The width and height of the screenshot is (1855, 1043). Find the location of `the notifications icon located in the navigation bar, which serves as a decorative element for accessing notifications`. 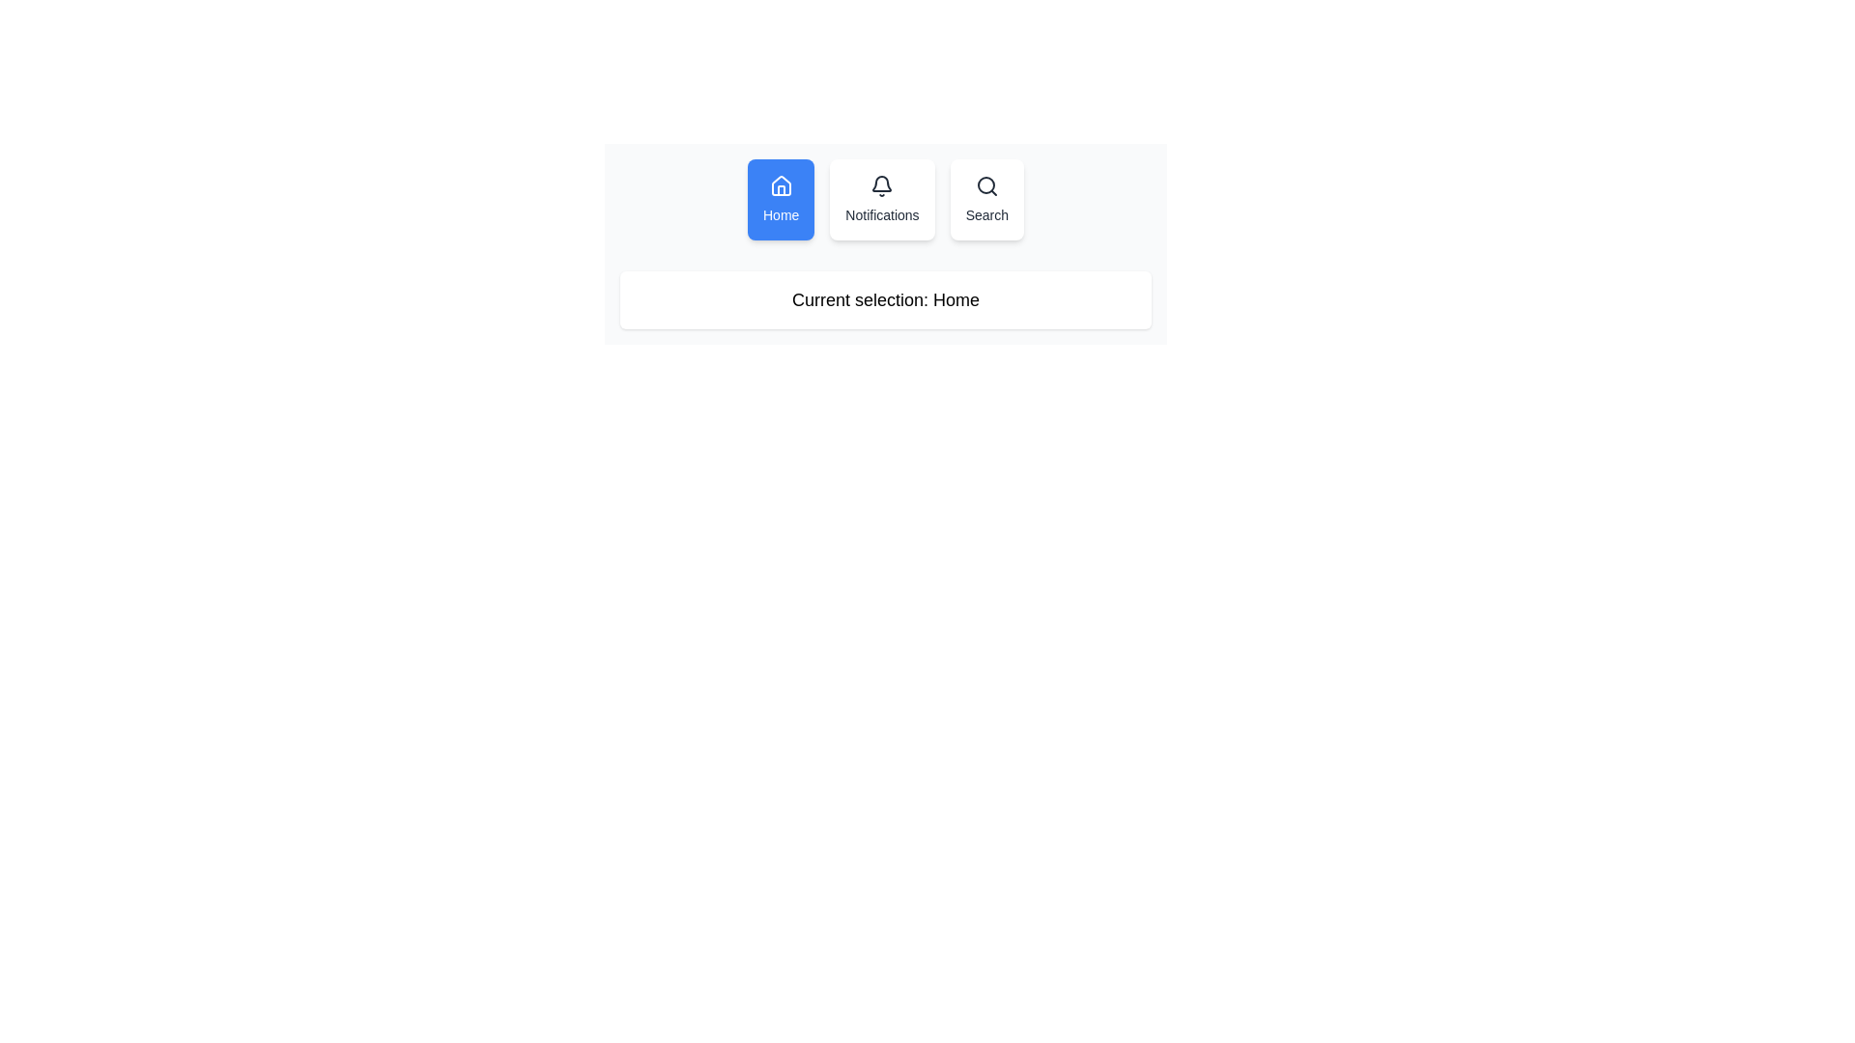

the notifications icon located in the navigation bar, which serves as a decorative element for accessing notifications is located at coordinates (881, 185).